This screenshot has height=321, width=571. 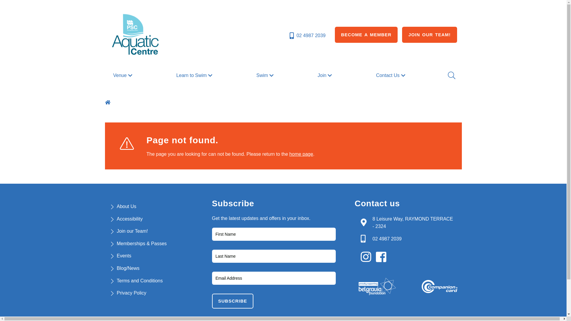 I want to click on 'Privacy Policy', so click(x=117, y=292).